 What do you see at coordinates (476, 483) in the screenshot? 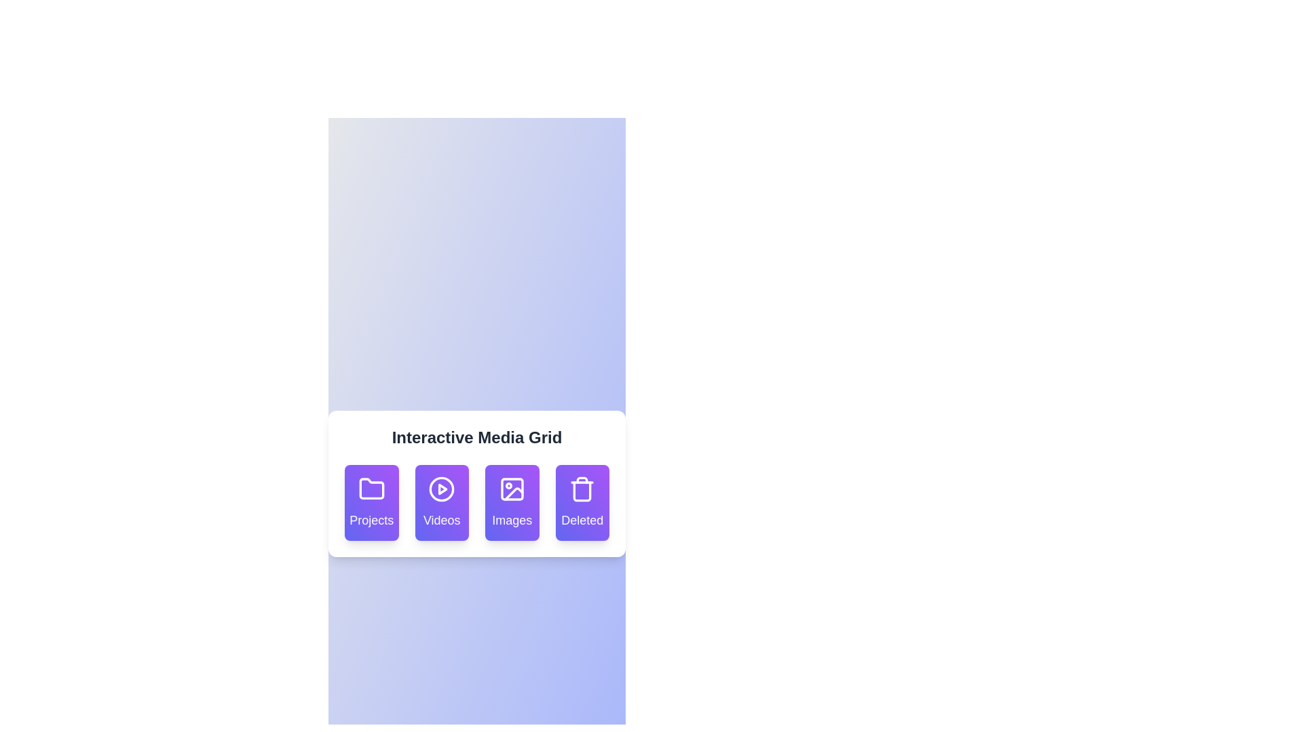
I see `the 'Interactive Media Grid' panel` at bounding box center [476, 483].